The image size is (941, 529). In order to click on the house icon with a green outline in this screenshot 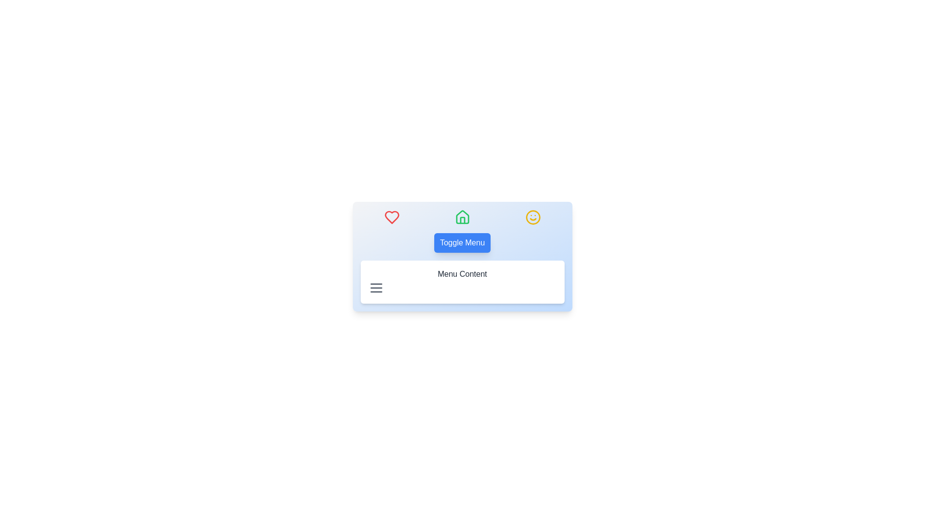, I will do `click(462, 216)`.